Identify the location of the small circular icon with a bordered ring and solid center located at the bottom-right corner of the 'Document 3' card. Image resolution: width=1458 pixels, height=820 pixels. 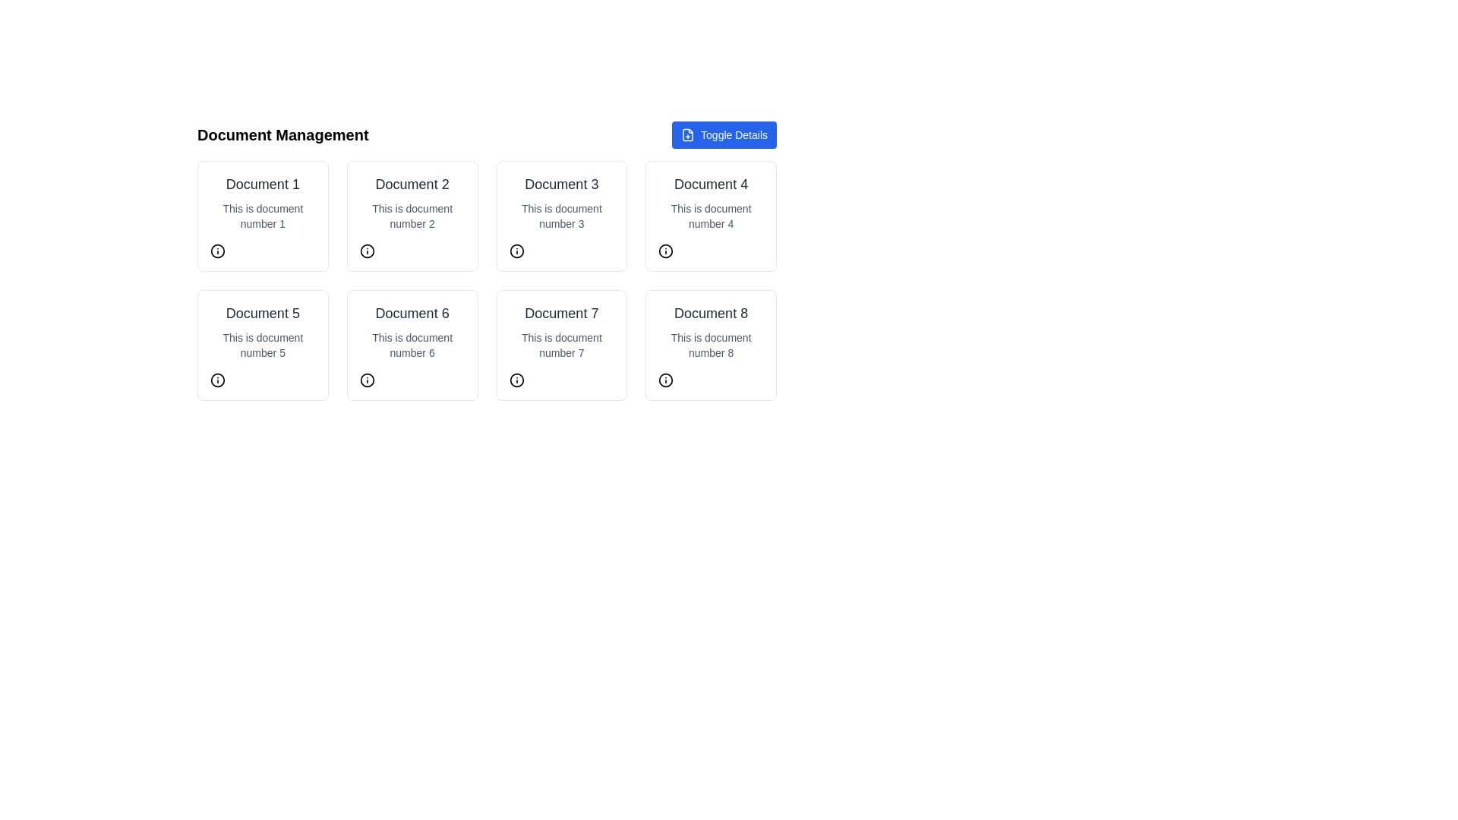
(516, 251).